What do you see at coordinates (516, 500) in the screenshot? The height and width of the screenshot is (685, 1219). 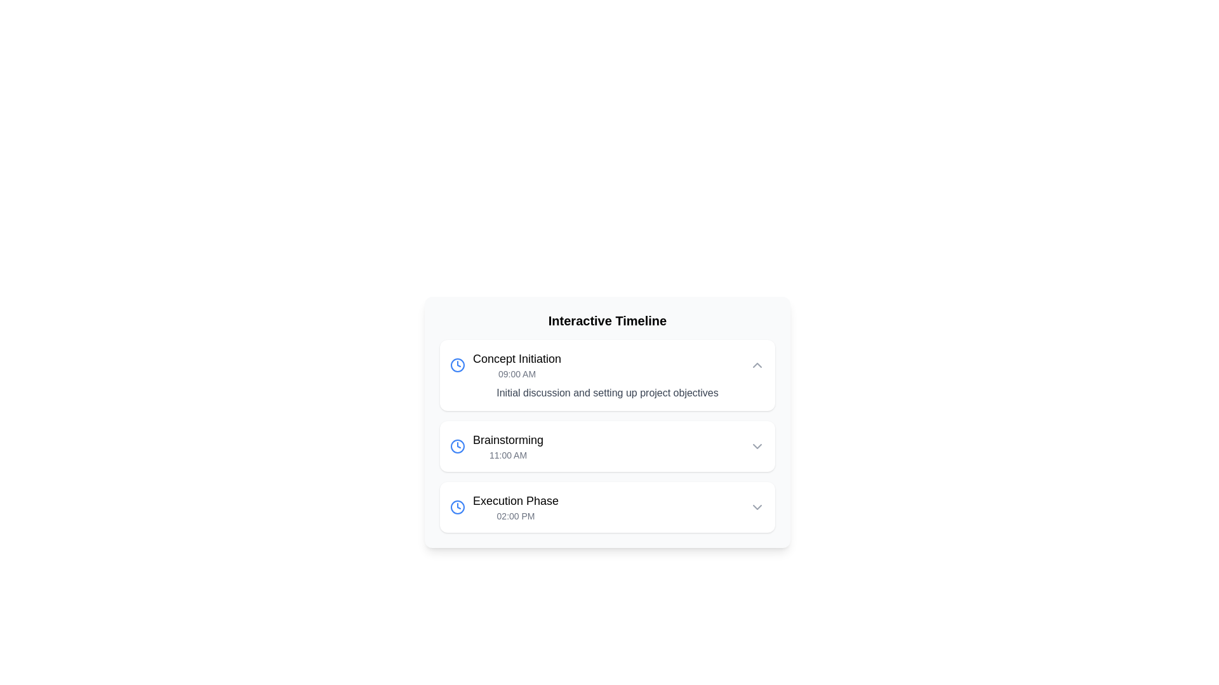 I see `on the text label 'Execution Phase 02:00 PM' located in the third timeline entry` at bounding box center [516, 500].